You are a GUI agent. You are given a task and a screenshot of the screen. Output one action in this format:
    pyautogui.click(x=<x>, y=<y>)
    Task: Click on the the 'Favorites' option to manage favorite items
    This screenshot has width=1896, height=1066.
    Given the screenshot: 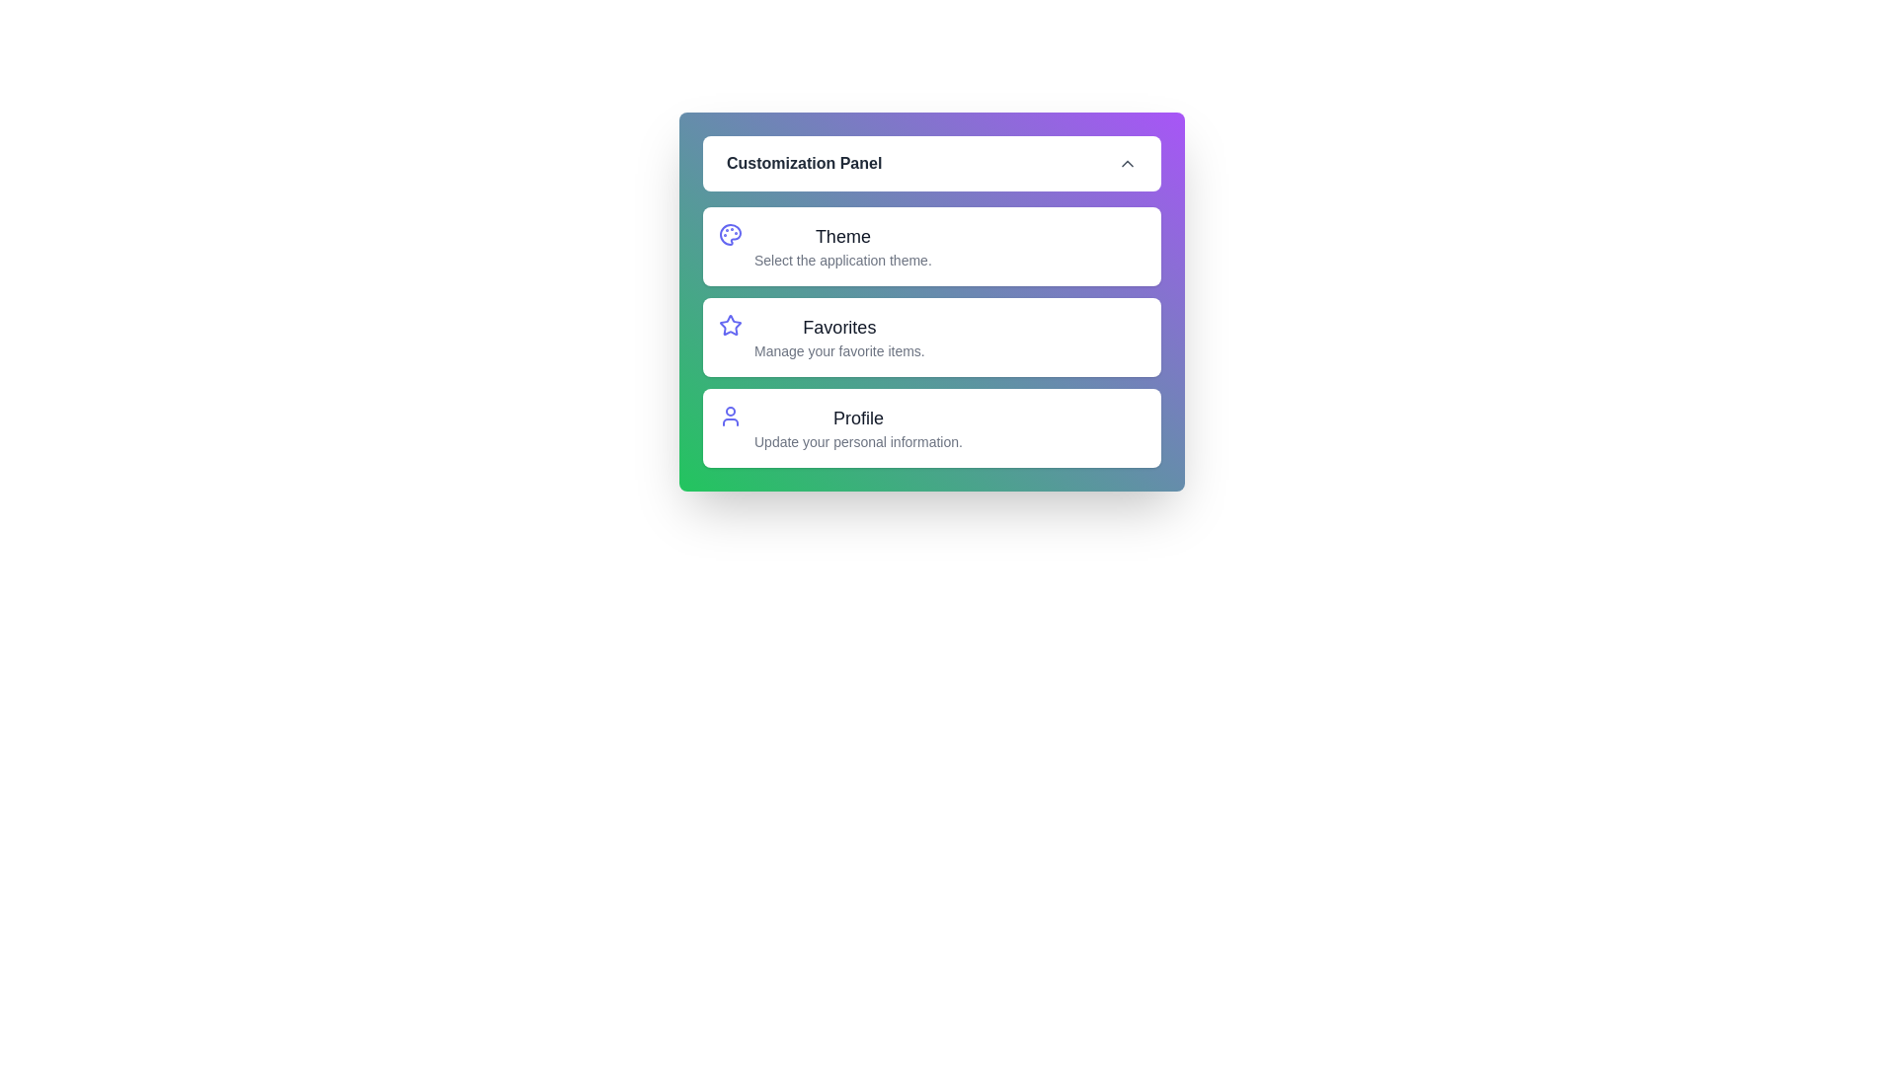 What is the action you would take?
    pyautogui.click(x=931, y=337)
    